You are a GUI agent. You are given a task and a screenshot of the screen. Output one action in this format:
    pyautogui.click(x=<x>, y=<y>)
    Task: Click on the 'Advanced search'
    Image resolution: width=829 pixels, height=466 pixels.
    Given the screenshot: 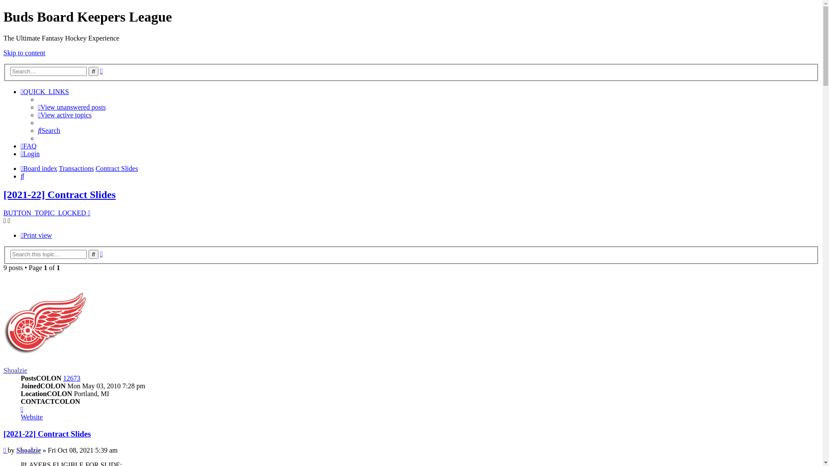 What is the action you would take?
    pyautogui.click(x=101, y=253)
    